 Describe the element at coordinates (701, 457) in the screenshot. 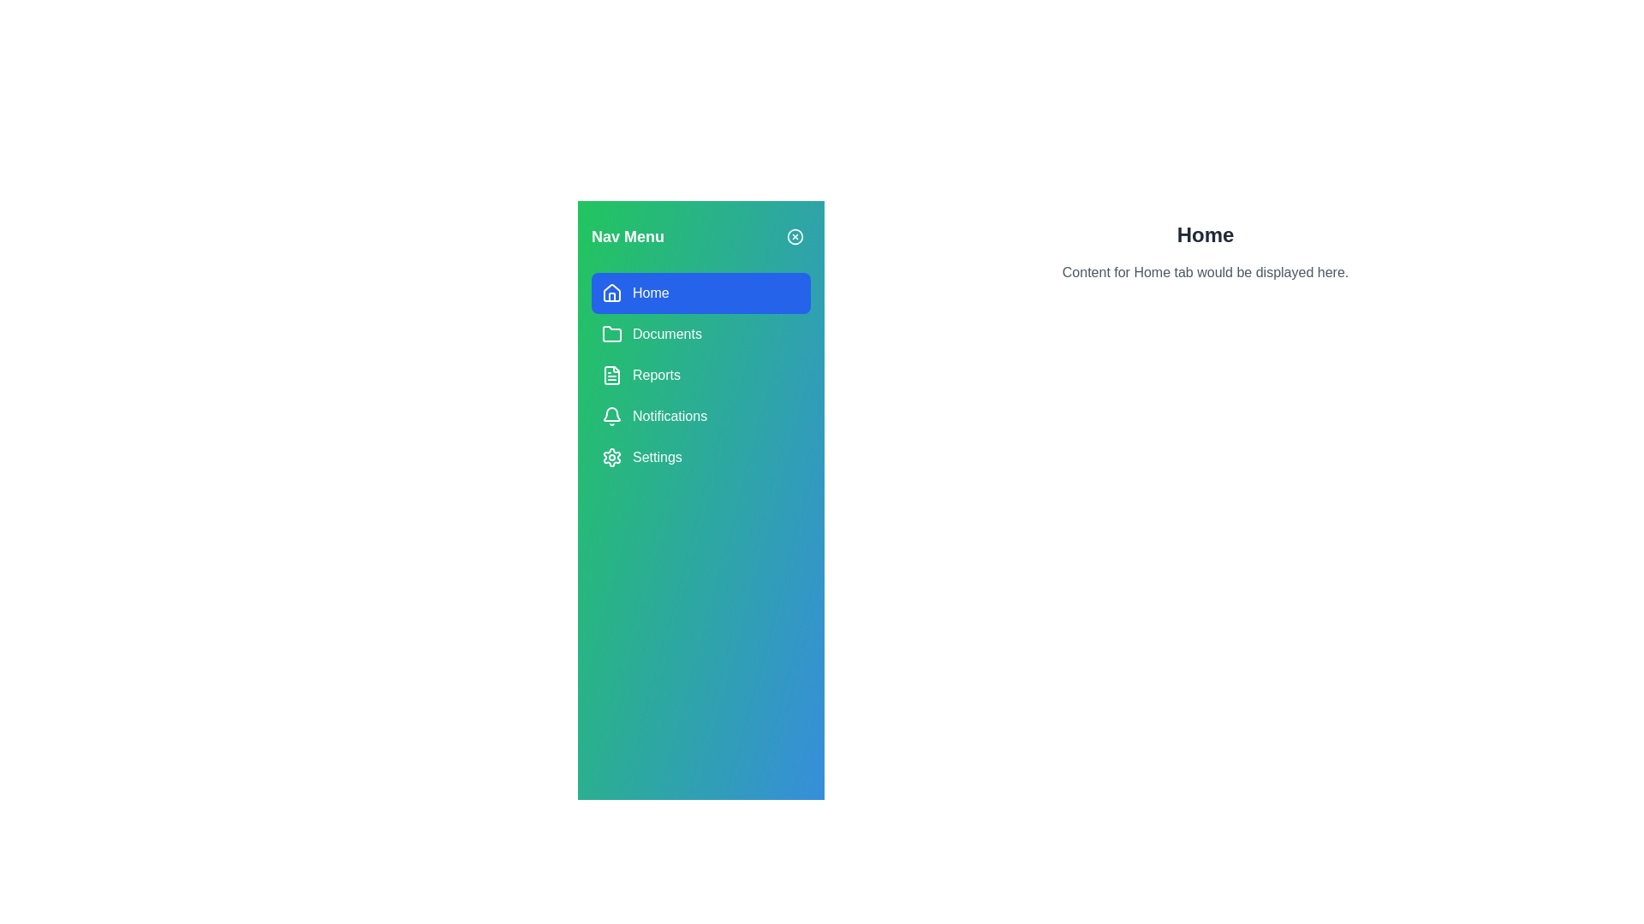

I see `the tab Settings in the navigation menu` at that location.